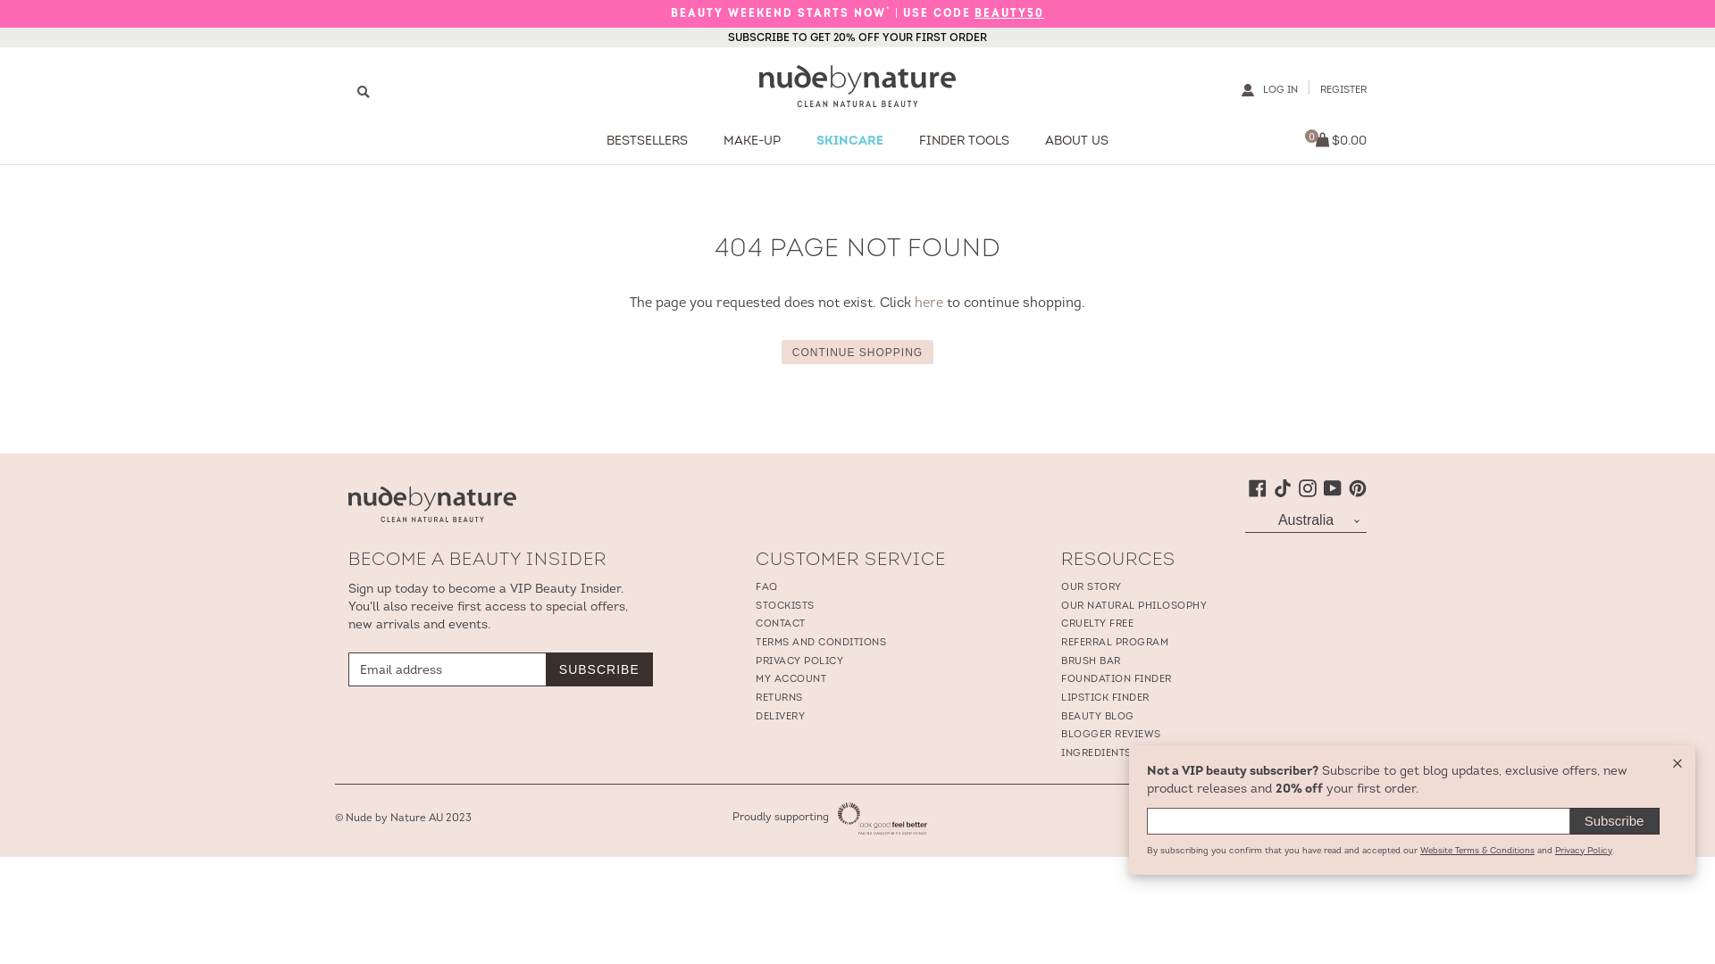 This screenshot has width=1715, height=964. What do you see at coordinates (599, 669) in the screenshot?
I see `'SUBSCRIBE'` at bounding box center [599, 669].